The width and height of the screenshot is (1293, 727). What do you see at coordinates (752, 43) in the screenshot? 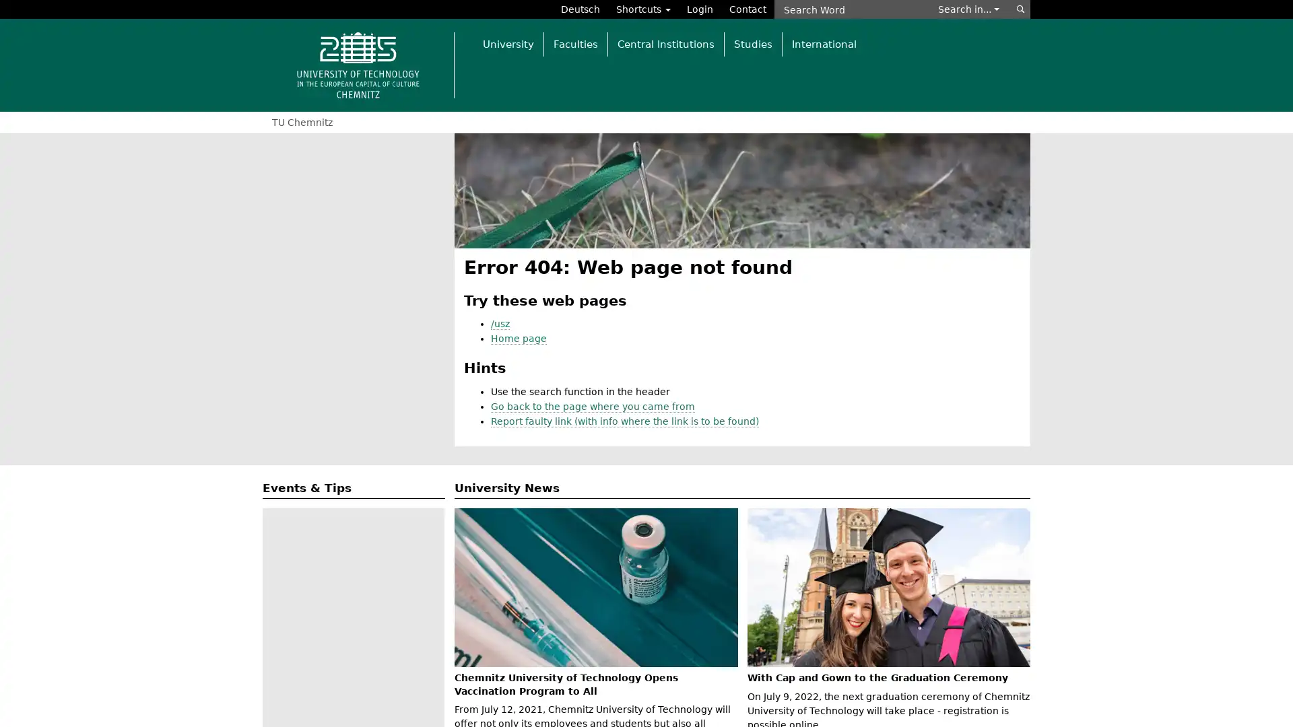
I see `Studies` at bounding box center [752, 43].